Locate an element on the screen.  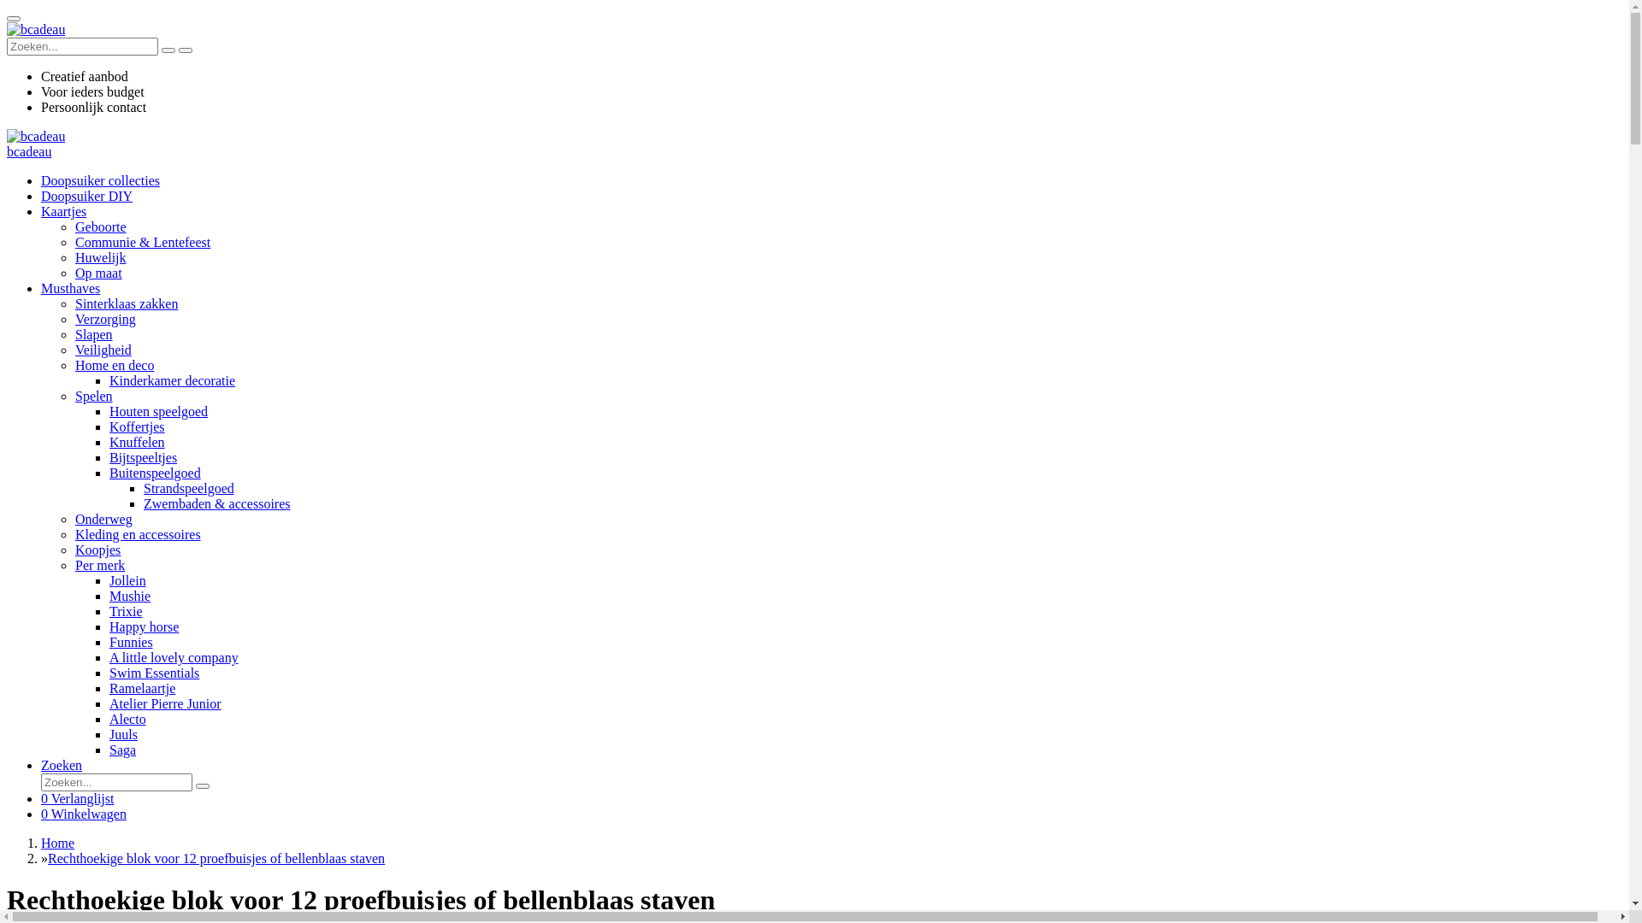
'0 Winkelwagen' is located at coordinates (82, 813).